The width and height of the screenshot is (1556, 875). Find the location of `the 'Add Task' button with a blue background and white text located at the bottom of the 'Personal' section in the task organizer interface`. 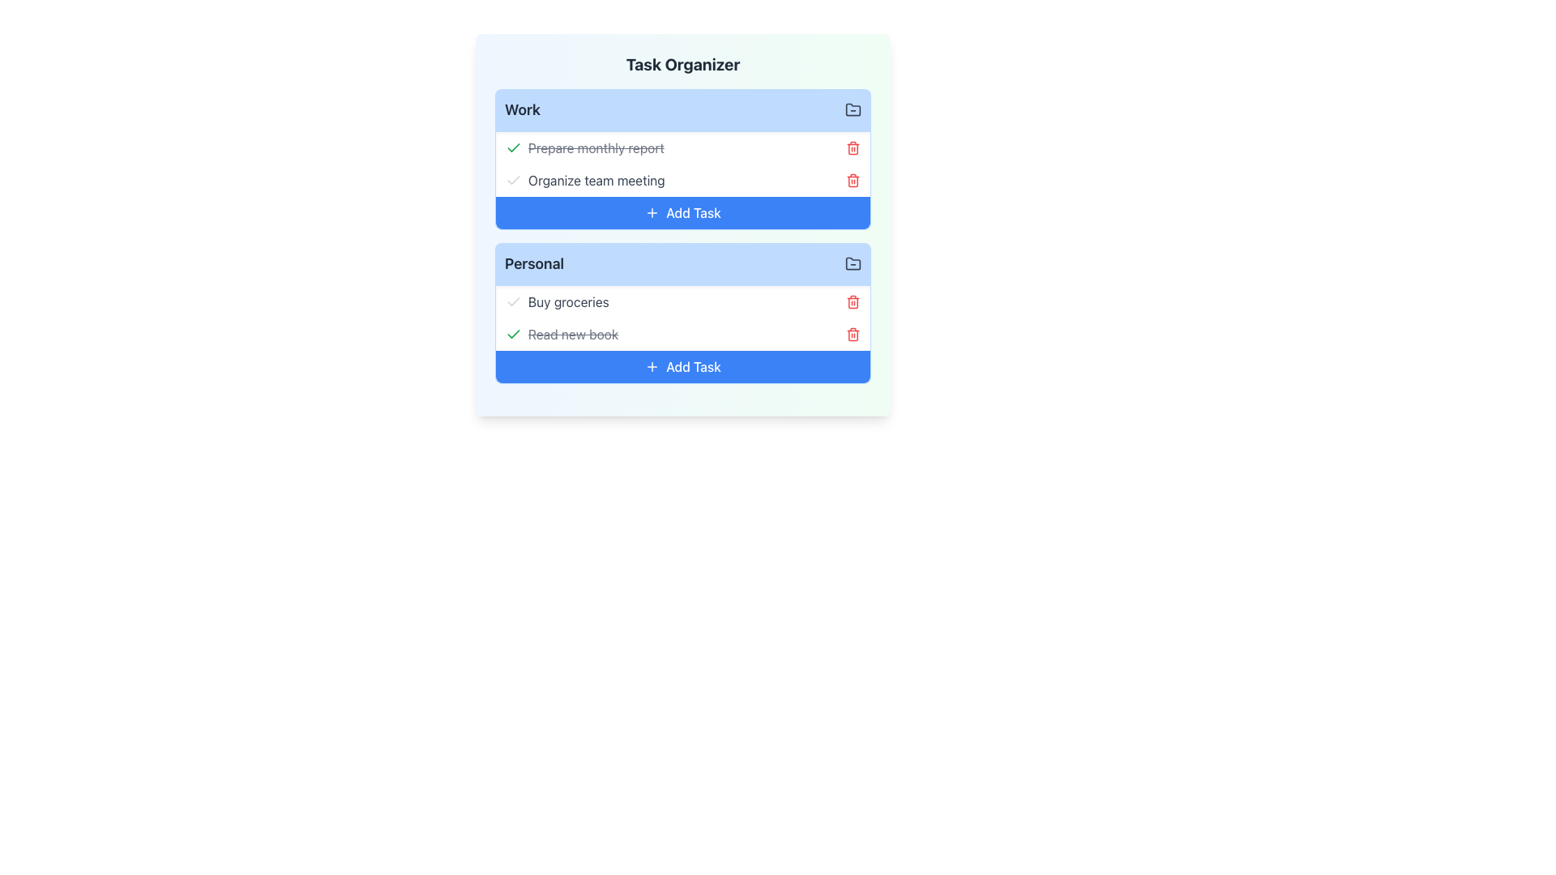

the 'Add Task' button with a blue background and white text located at the bottom of the 'Personal' section in the task organizer interface is located at coordinates (683, 366).